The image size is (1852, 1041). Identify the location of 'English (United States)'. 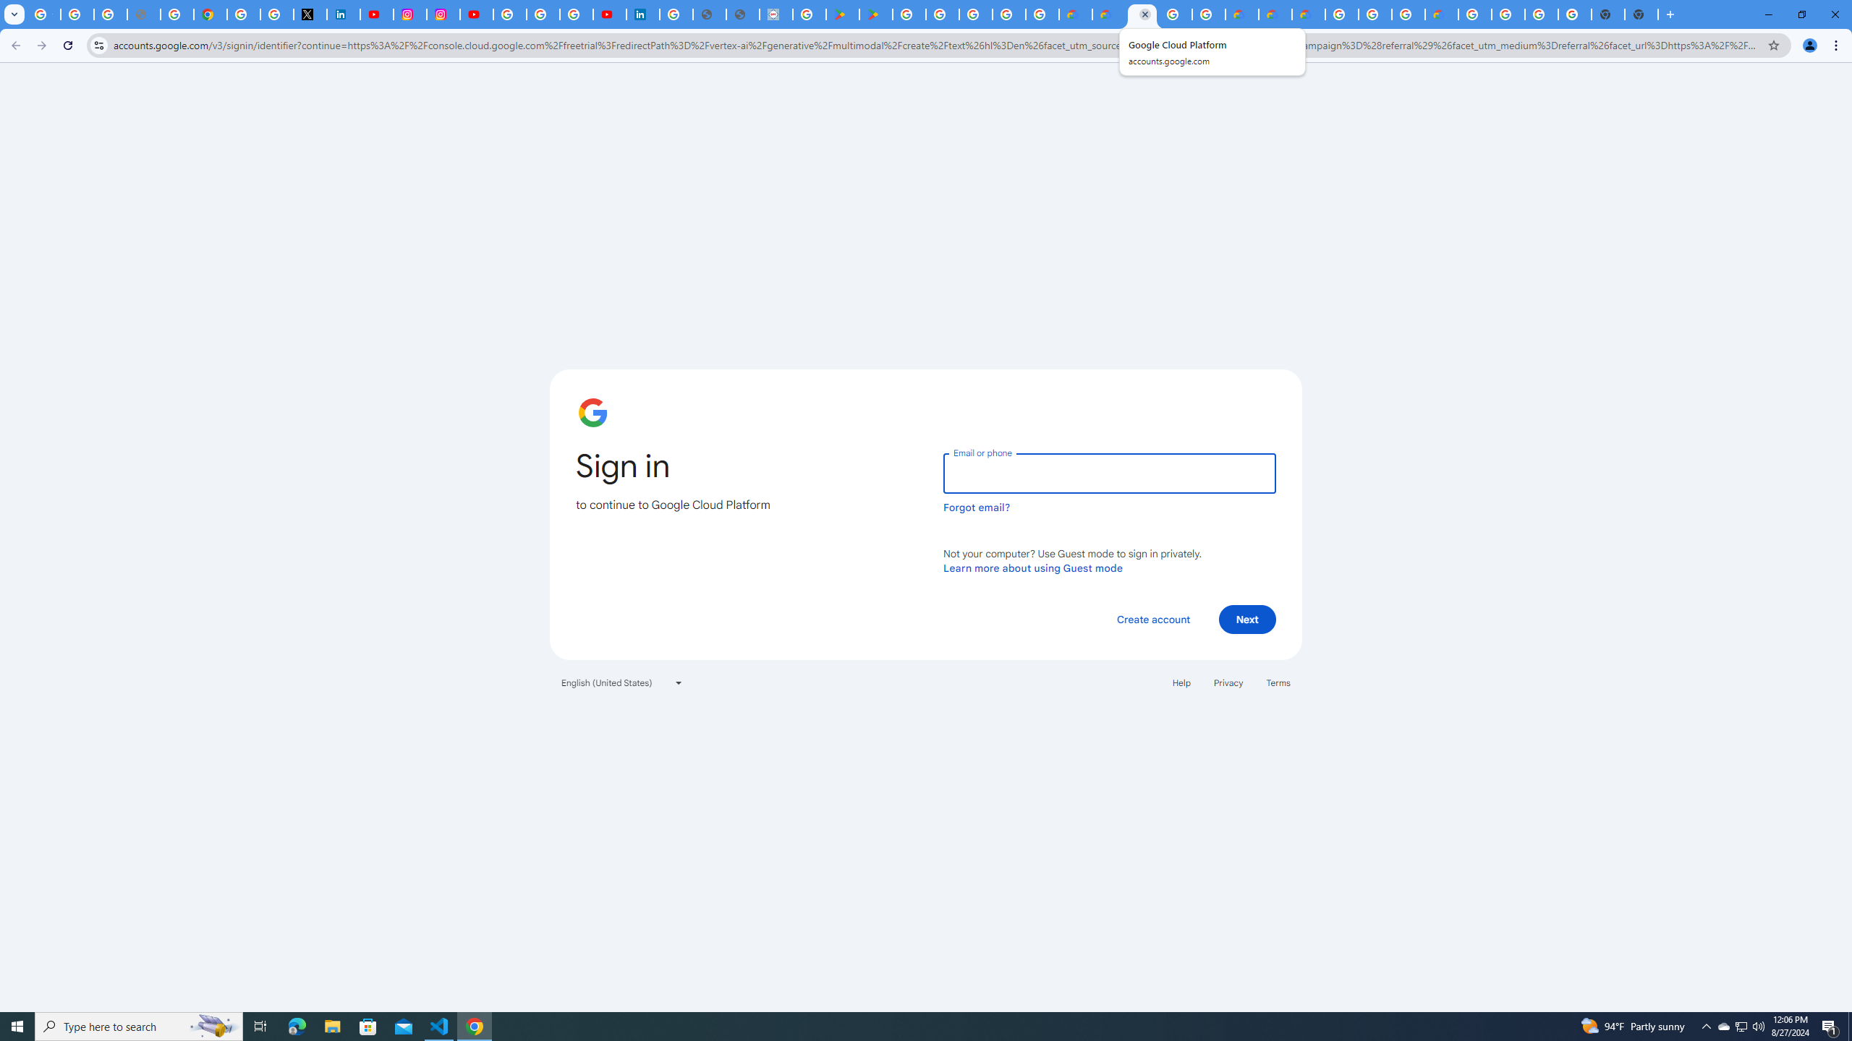
(622, 681).